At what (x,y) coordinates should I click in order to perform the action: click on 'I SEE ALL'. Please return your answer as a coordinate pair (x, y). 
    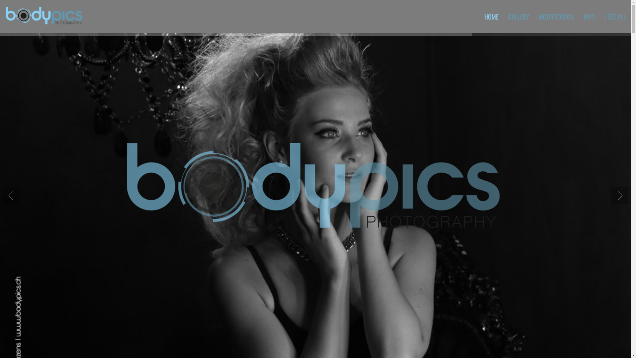
    Looking at the image, I should click on (599, 16).